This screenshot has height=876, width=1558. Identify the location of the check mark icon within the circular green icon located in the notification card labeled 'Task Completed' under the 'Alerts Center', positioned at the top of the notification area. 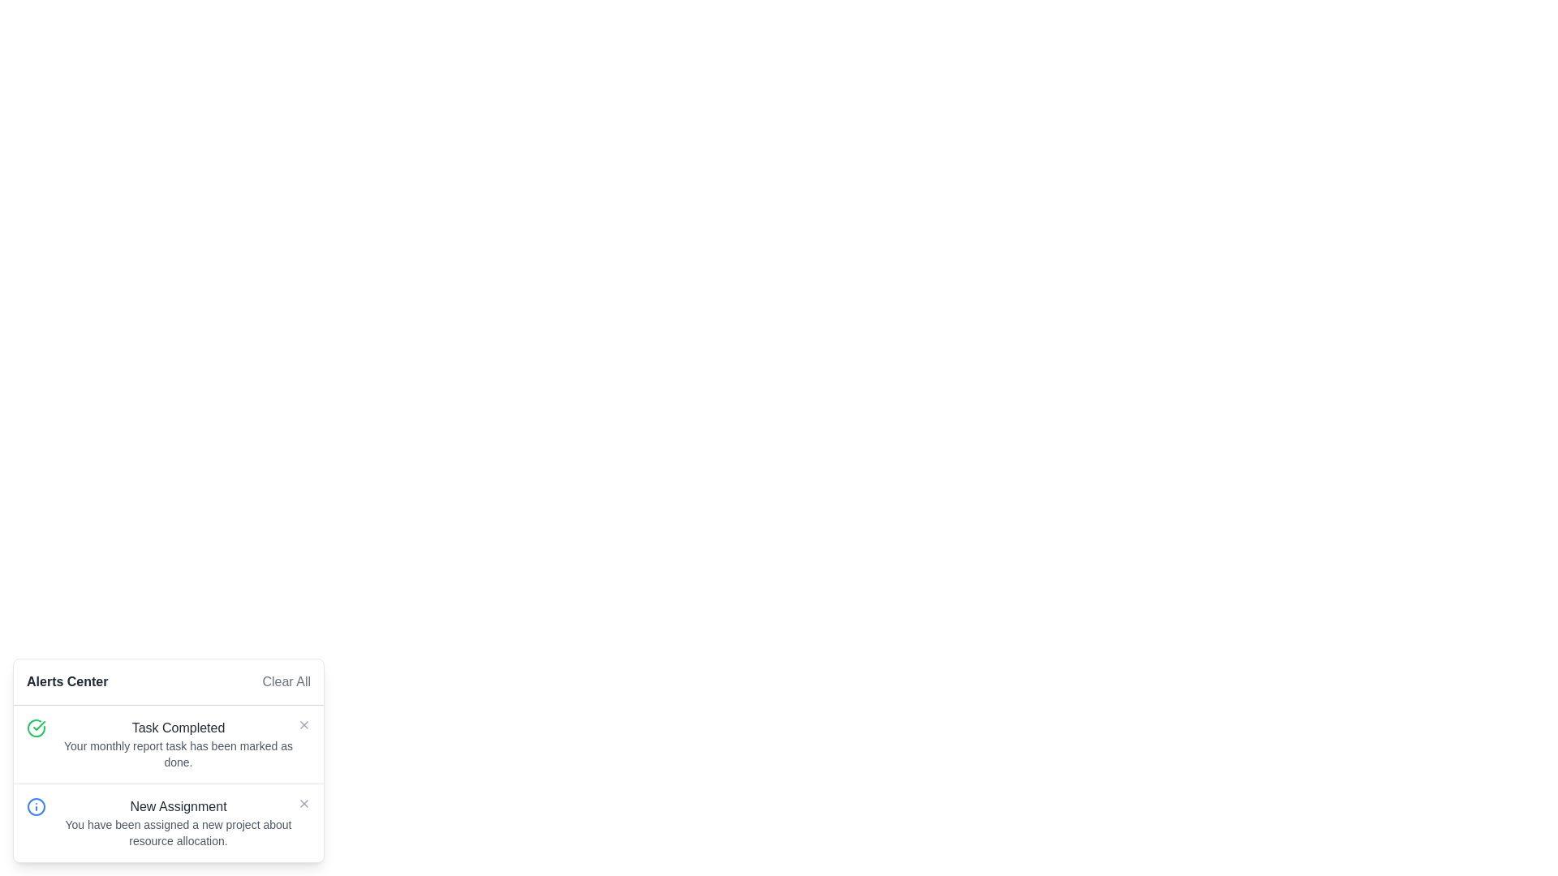
(39, 724).